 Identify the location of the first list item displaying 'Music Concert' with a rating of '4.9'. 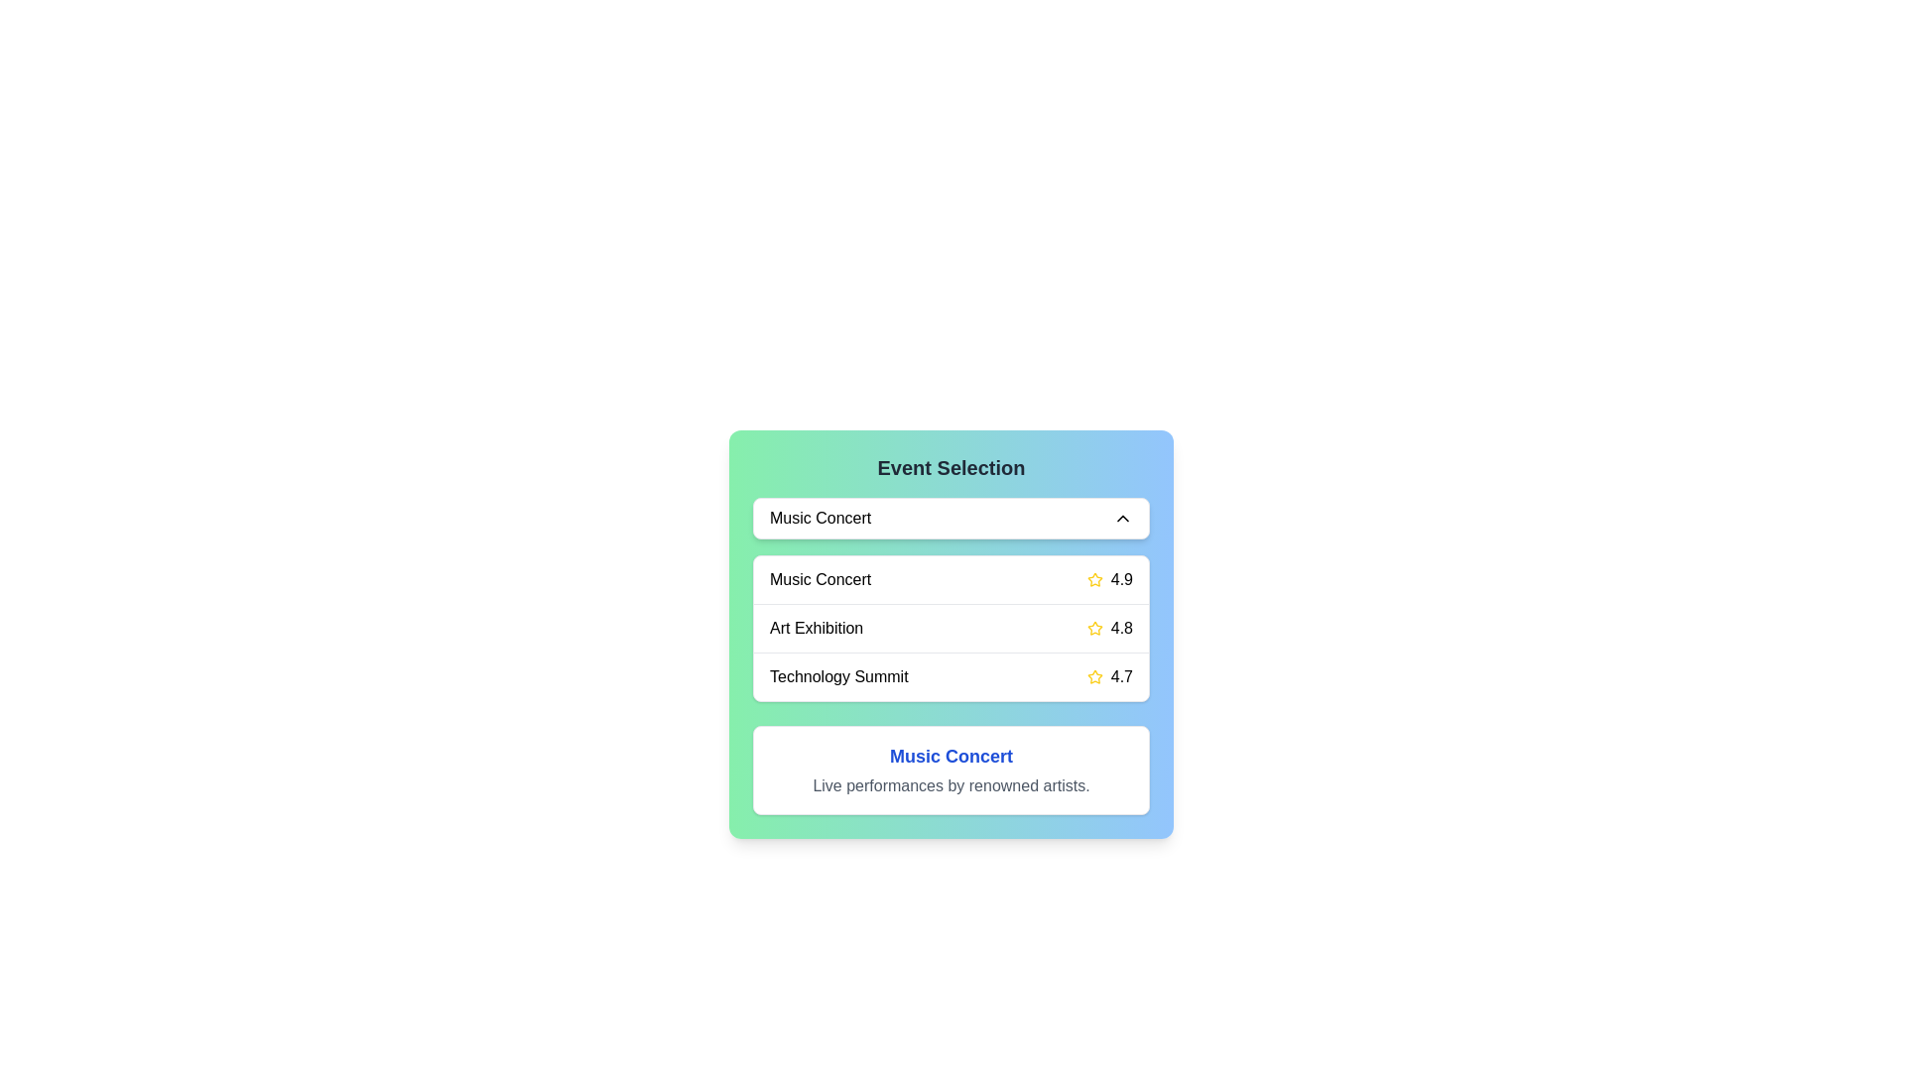
(951, 580).